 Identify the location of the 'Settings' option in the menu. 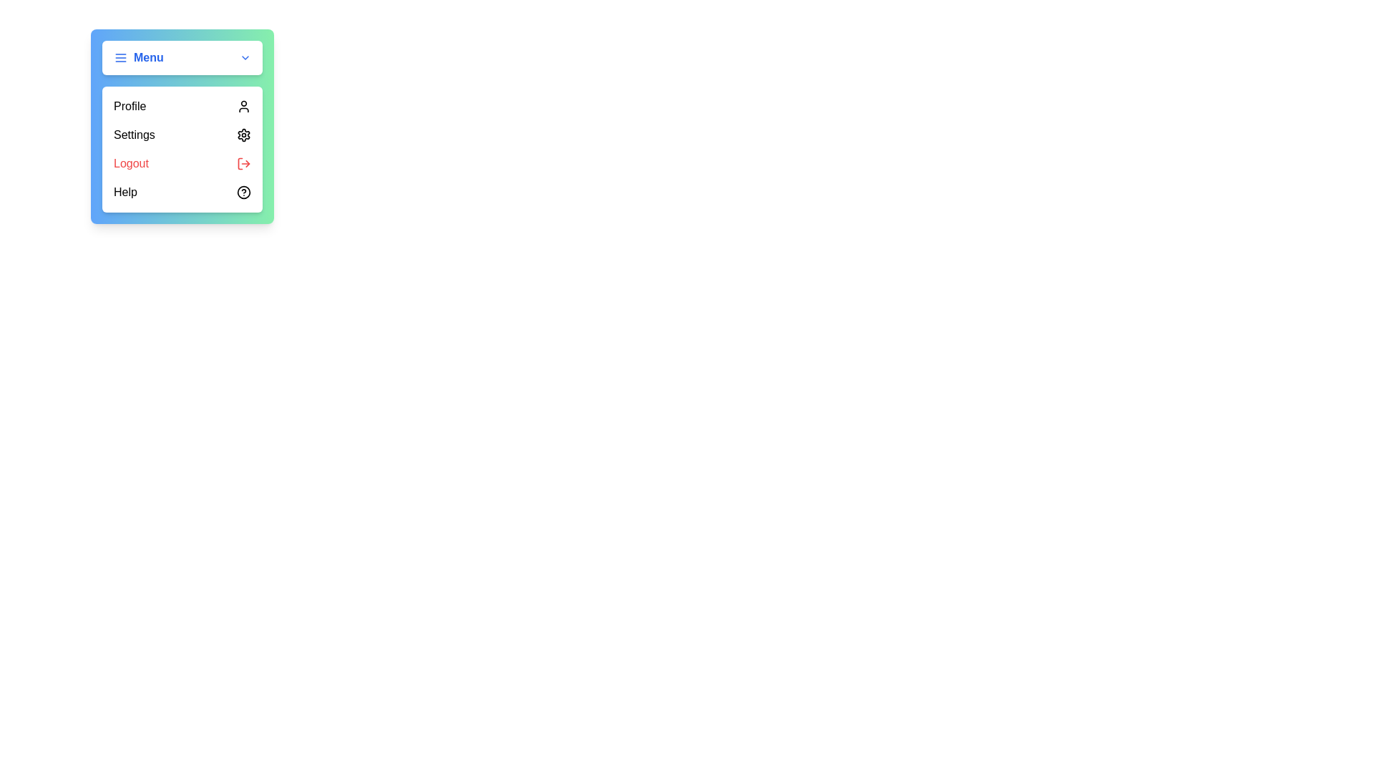
(181, 135).